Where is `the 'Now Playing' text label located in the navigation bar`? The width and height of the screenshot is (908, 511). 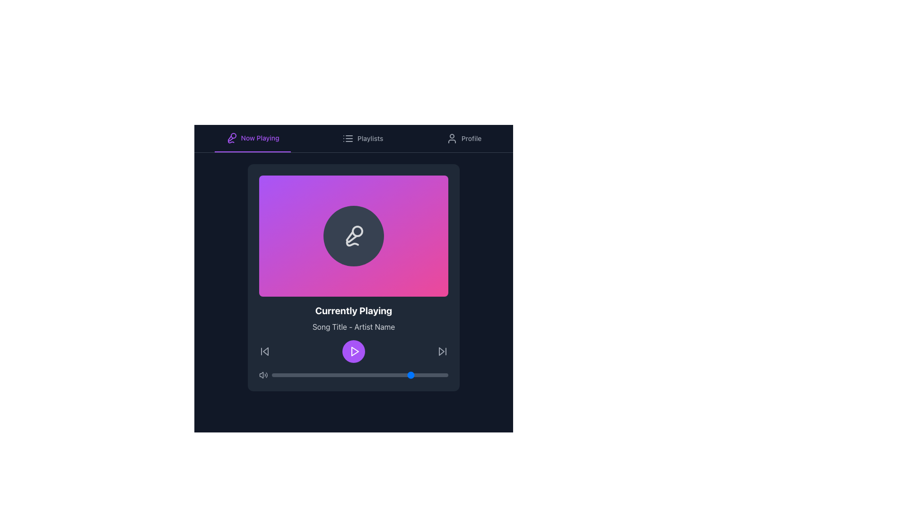
the 'Now Playing' text label located in the navigation bar is located at coordinates (260, 138).